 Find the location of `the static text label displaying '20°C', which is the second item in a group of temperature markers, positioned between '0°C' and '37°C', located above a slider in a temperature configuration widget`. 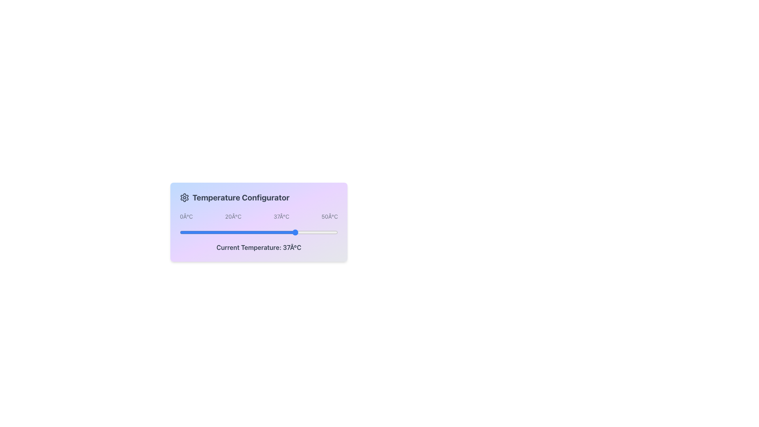

the static text label displaying '20°C', which is the second item in a group of temperature markers, positioned between '0°C' and '37°C', located above a slider in a temperature configuration widget is located at coordinates (233, 216).